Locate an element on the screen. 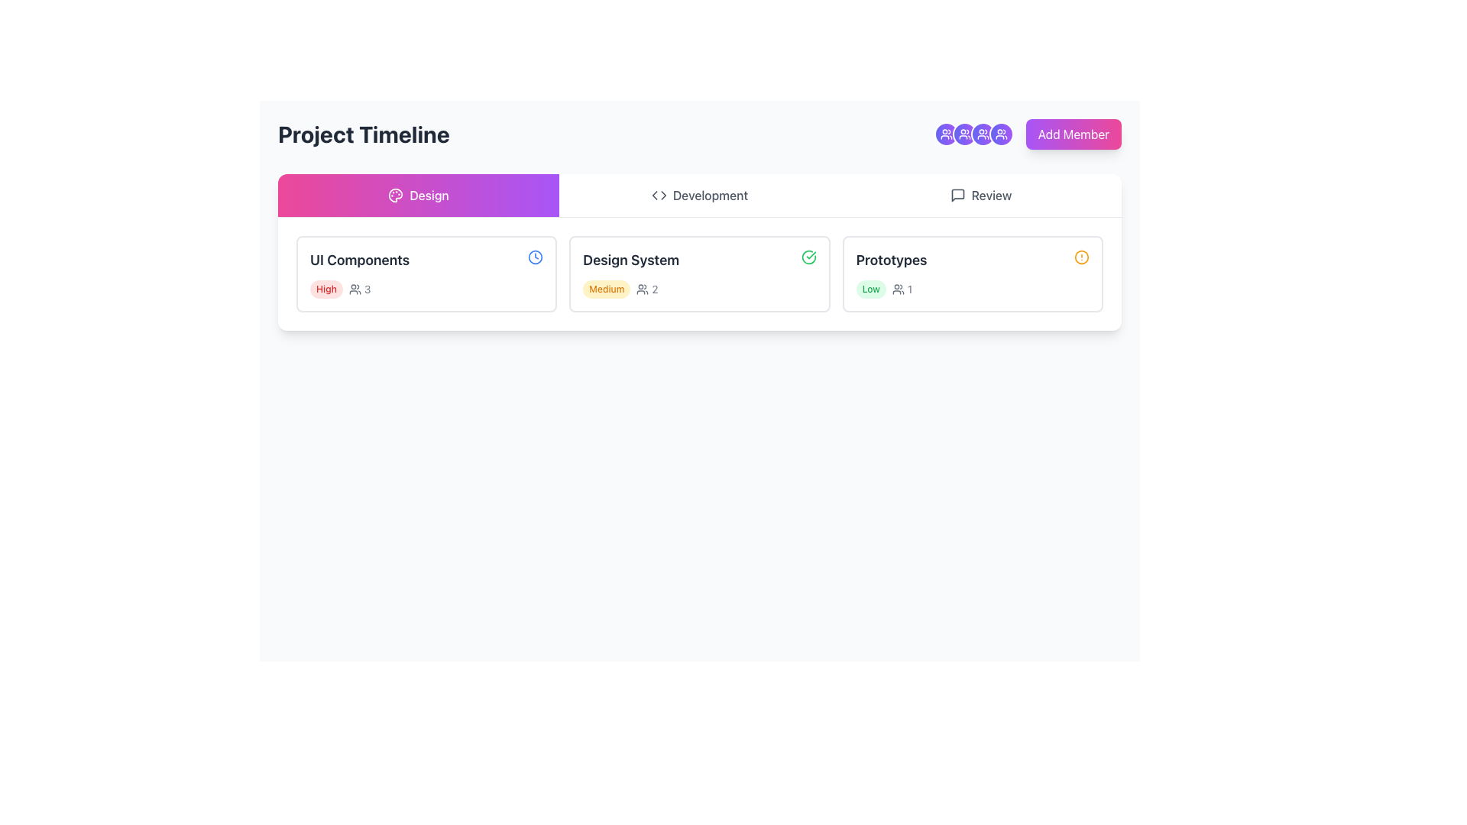  the small clock icon, which is a thin circular shape with a hollow center and a thicker ring, located in the 'Design' section within the 'UI Components' card is located at coordinates (536, 256).